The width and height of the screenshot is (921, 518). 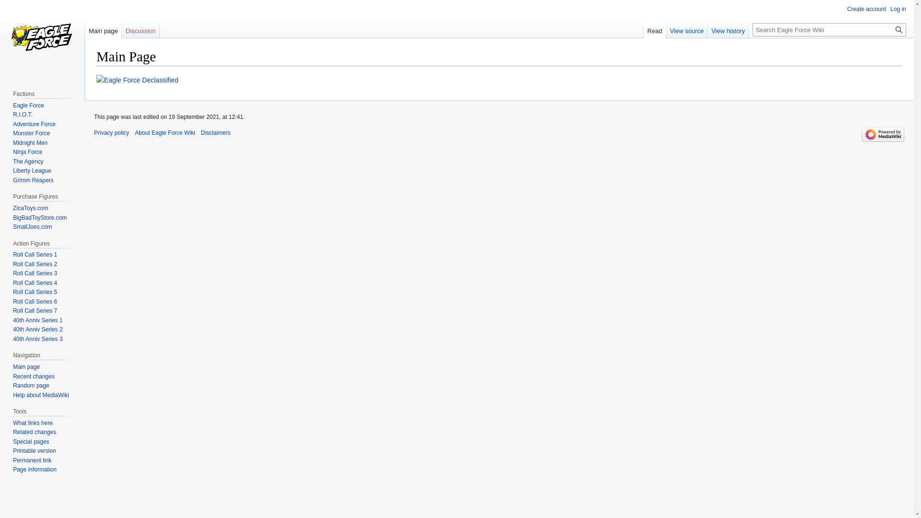 I want to click on 'Search Eagle Force Wiki [alt-shift-f]', so click(x=752, y=29).